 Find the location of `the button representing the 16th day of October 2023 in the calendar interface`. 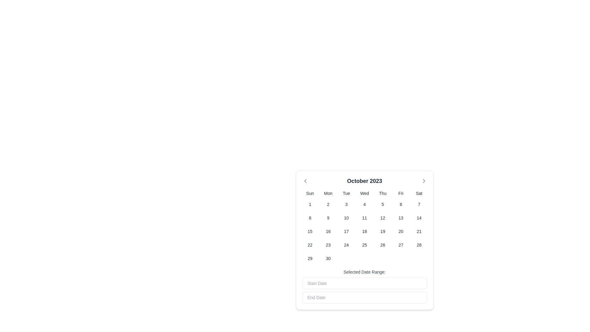

the button representing the 16th day of October 2023 in the calendar interface is located at coordinates (328, 231).